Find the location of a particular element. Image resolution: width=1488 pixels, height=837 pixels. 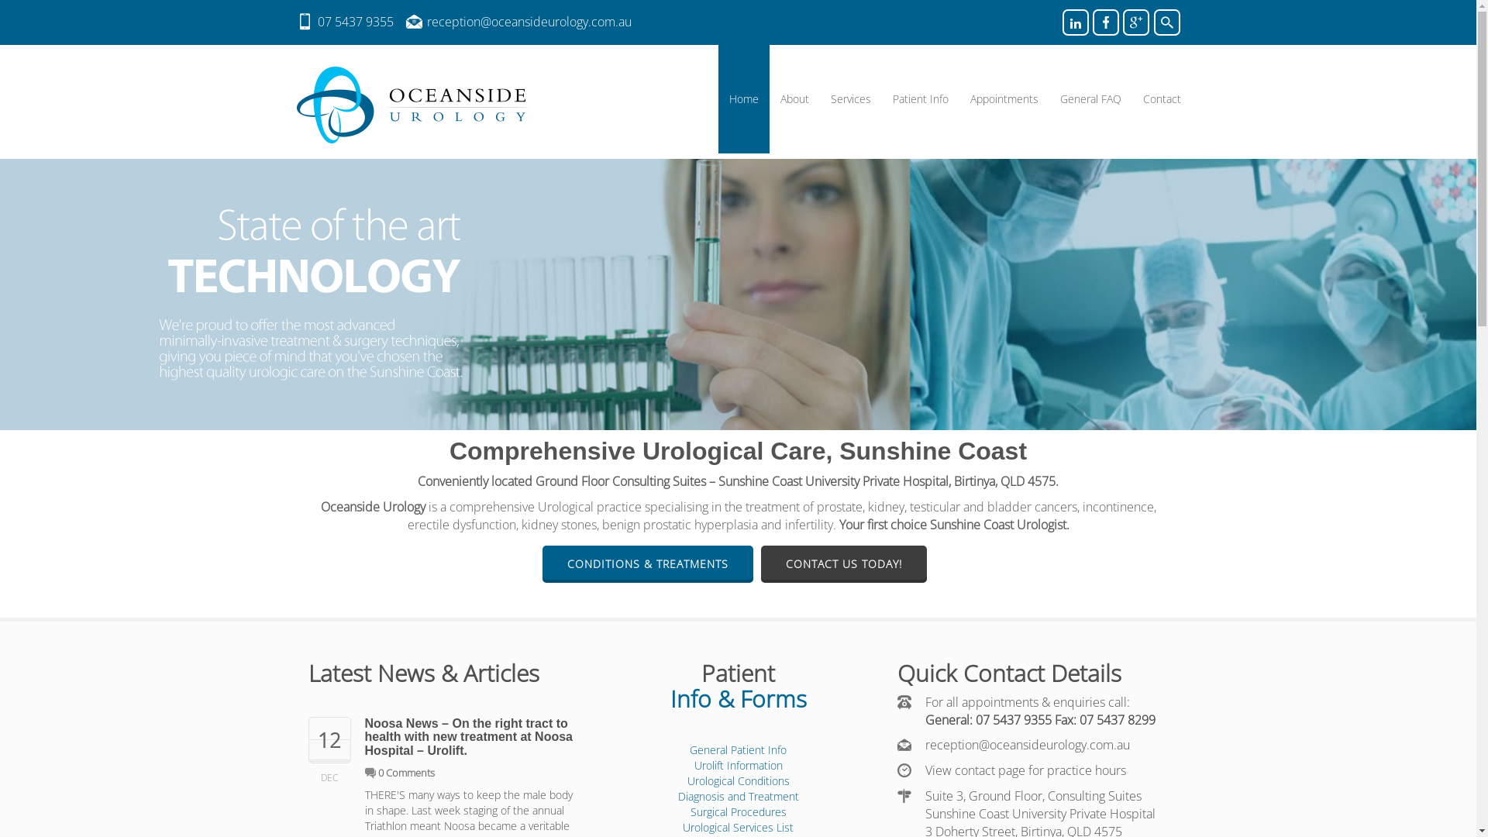

'Urological Conditions' is located at coordinates (736, 780).